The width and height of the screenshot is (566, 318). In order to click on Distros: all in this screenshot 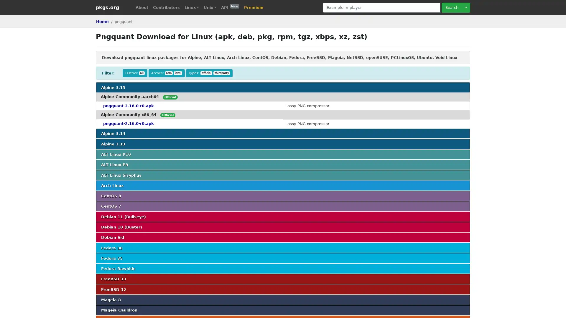, I will do `click(134, 73)`.